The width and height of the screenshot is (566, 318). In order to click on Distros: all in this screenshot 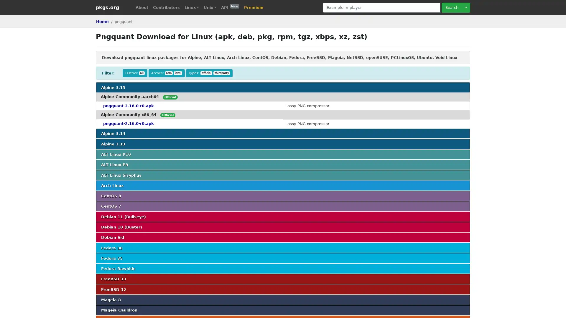, I will do `click(134, 73)`.